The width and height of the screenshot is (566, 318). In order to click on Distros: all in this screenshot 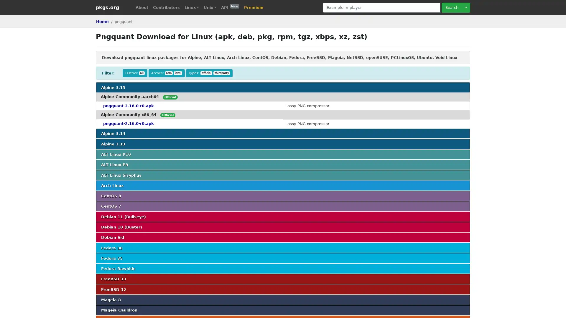, I will do `click(134, 73)`.